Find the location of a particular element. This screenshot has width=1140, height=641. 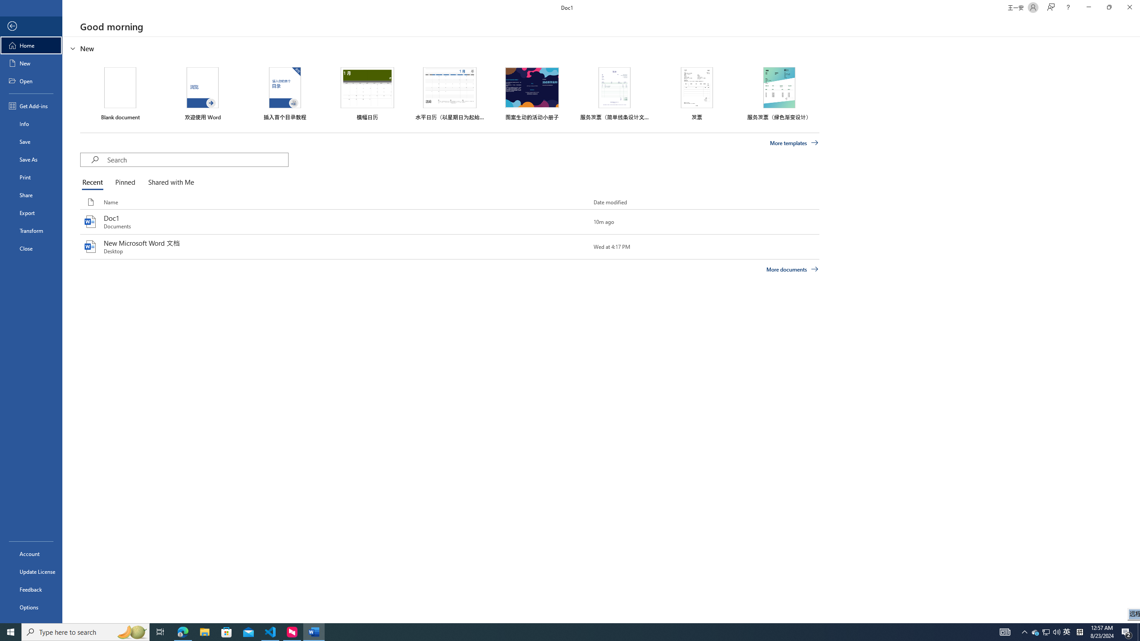

'Info' is located at coordinates (31, 123).